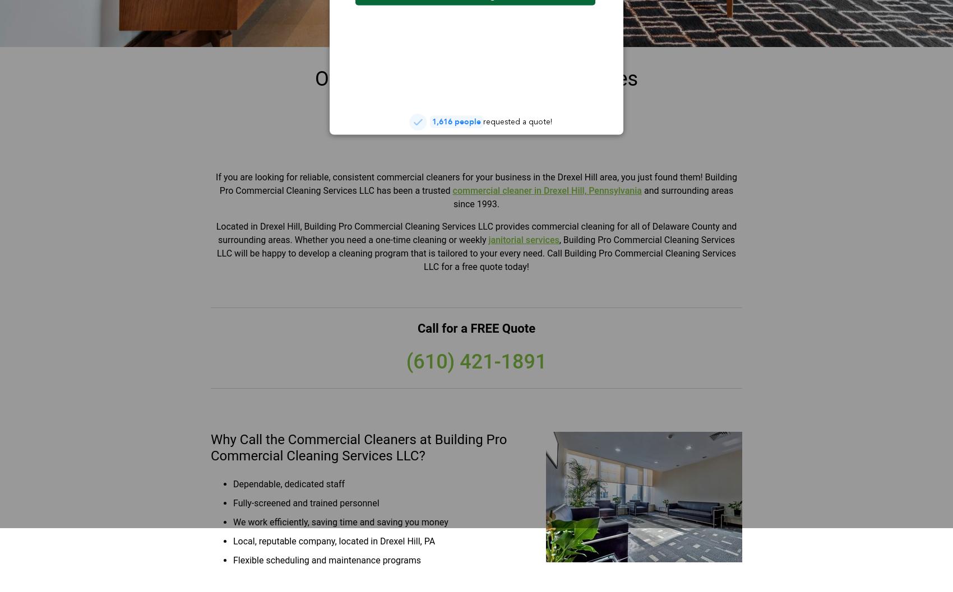 The height and width of the screenshot is (592, 953). What do you see at coordinates (406, 362) in the screenshot?
I see `'(610) 421-1891'` at bounding box center [406, 362].